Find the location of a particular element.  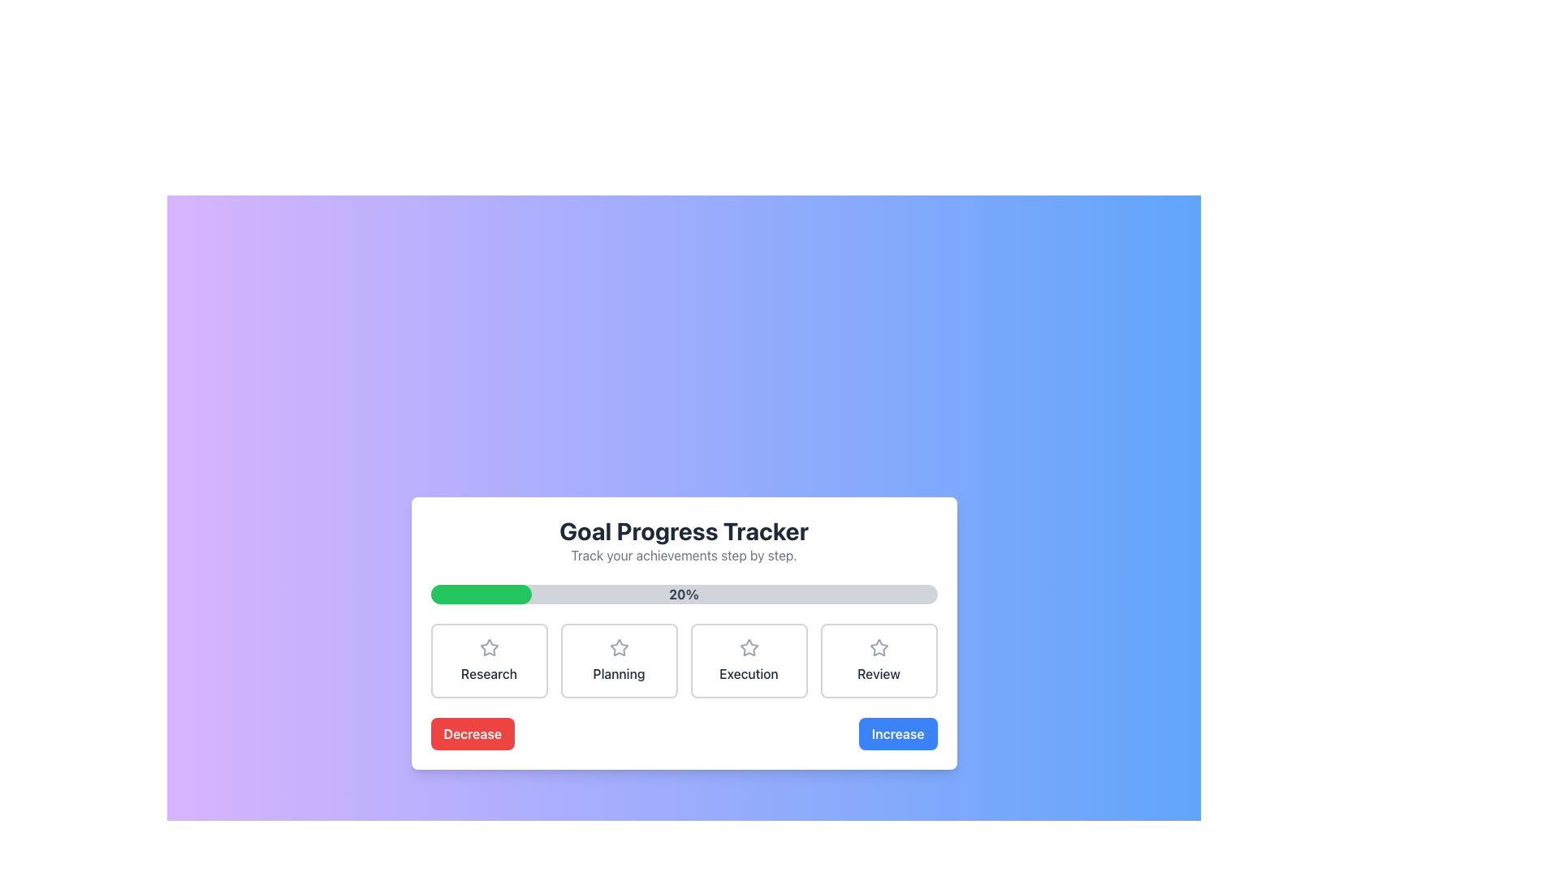

the state of the star icon in the second card labeled 'Planning' to check for any changes upon interaction is located at coordinates (618, 646).